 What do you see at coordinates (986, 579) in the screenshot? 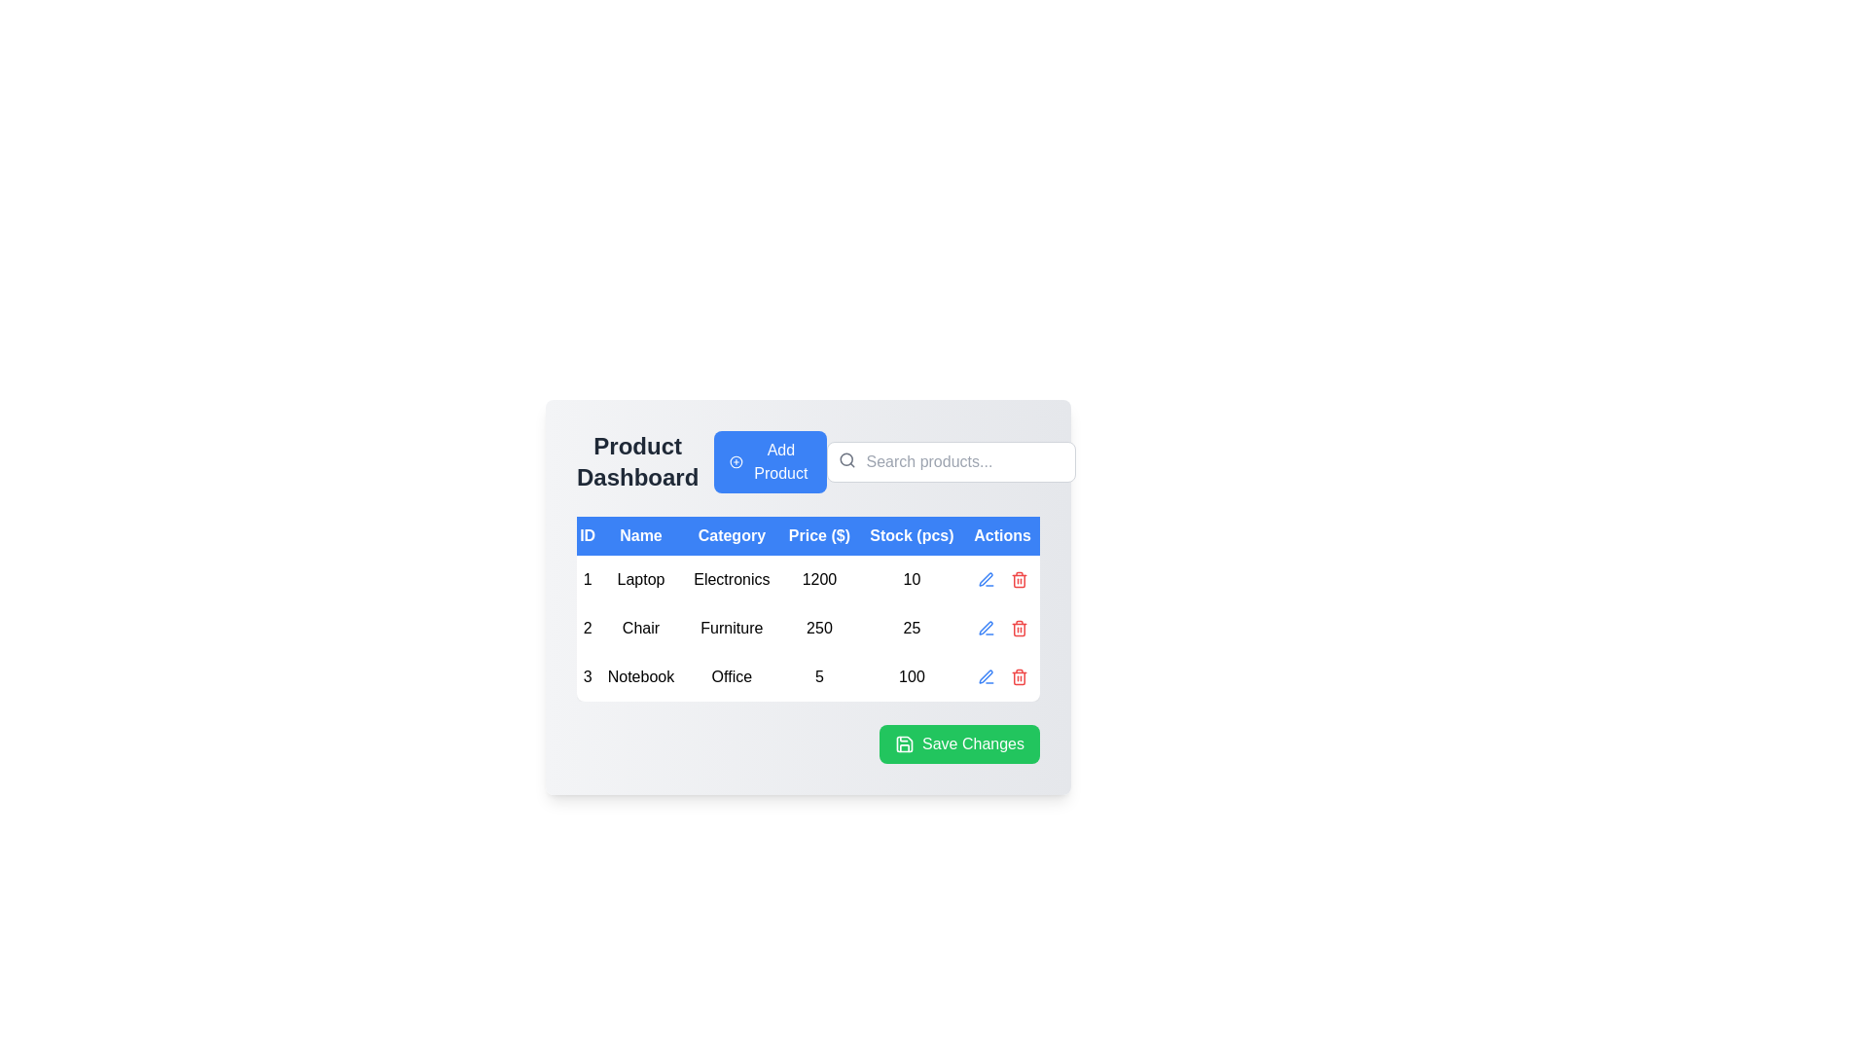
I see `the editing icon button located in the 'Actions' column of the 'Chair' entry in the table to modify its details` at bounding box center [986, 579].